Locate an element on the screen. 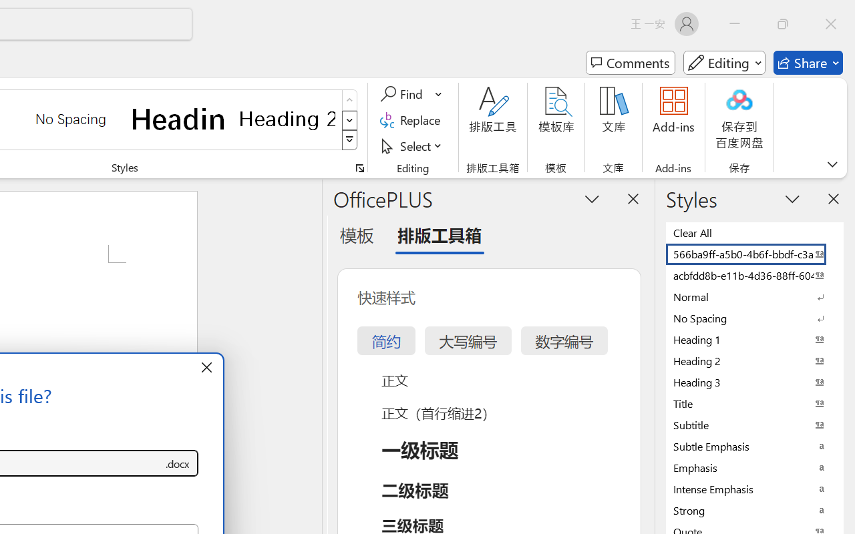 The image size is (855, 534). 'Share' is located at coordinates (808, 63).